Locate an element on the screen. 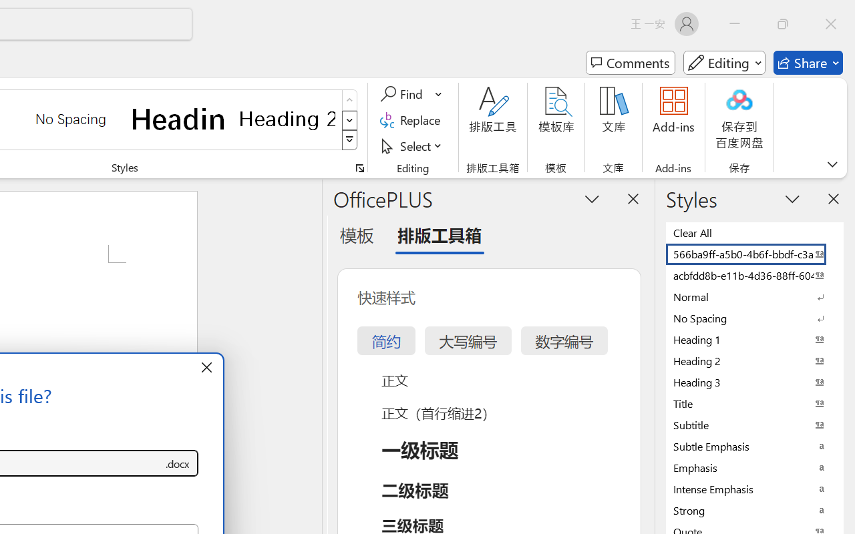 The image size is (855, 534). 'Share' is located at coordinates (808, 63).